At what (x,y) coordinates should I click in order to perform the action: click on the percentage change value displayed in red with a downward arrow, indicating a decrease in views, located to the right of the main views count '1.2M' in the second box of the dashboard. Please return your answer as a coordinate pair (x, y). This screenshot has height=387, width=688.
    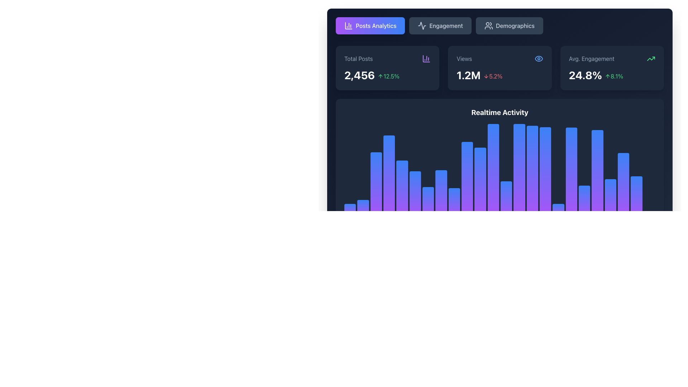
    Looking at the image, I should click on (492, 76).